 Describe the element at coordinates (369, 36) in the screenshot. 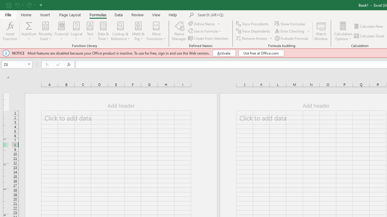

I see `'Calculate Sheet'` at that location.